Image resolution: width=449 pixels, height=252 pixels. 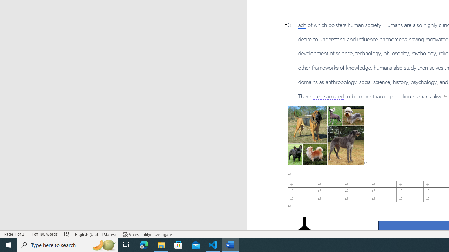 What do you see at coordinates (67, 234) in the screenshot?
I see `'Spelling and Grammar Check Errors'` at bounding box center [67, 234].